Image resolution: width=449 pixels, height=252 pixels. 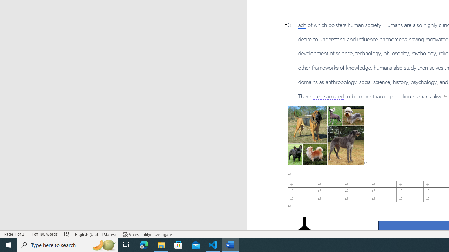 What do you see at coordinates (67, 234) in the screenshot?
I see `'Spelling and Grammar Check Errors'` at bounding box center [67, 234].